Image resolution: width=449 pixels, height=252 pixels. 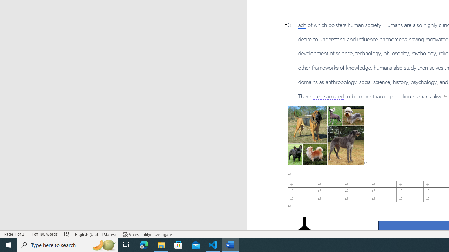 What do you see at coordinates (67, 234) in the screenshot?
I see `'Spelling and Grammar Check Errors'` at bounding box center [67, 234].